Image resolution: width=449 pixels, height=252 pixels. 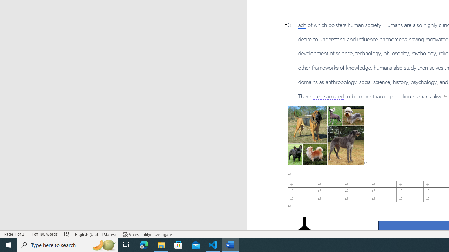 What do you see at coordinates (67, 234) in the screenshot?
I see `'Spelling and Grammar Check Errors'` at bounding box center [67, 234].